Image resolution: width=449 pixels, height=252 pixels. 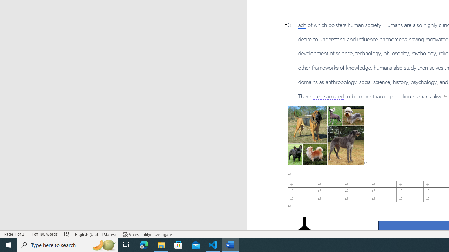 What do you see at coordinates (67, 234) in the screenshot?
I see `'Spelling and Grammar Check Errors'` at bounding box center [67, 234].